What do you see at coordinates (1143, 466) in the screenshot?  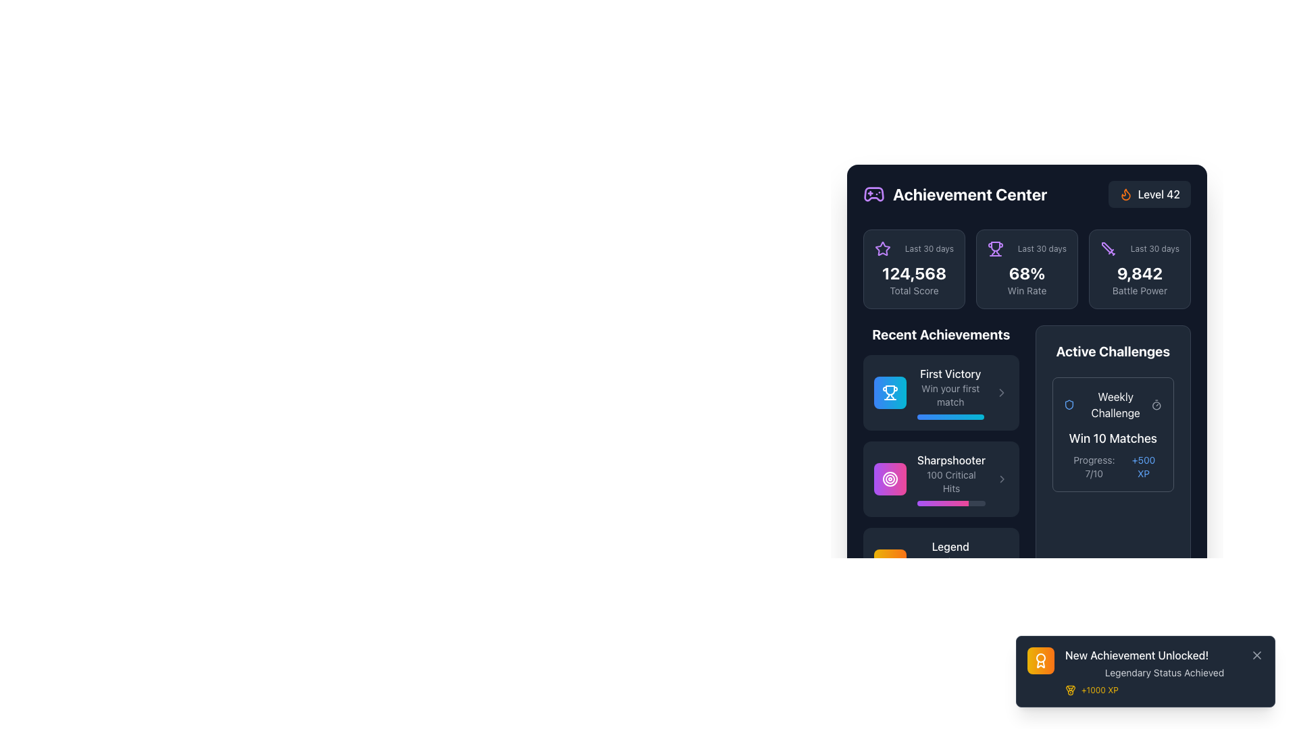 I see `the text component displaying '+500 XP' in blue, located in the 'Active Challenges' panel next to the 'Progress: 7/10' label under 'Win 10 Matches'` at bounding box center [1143, 466].